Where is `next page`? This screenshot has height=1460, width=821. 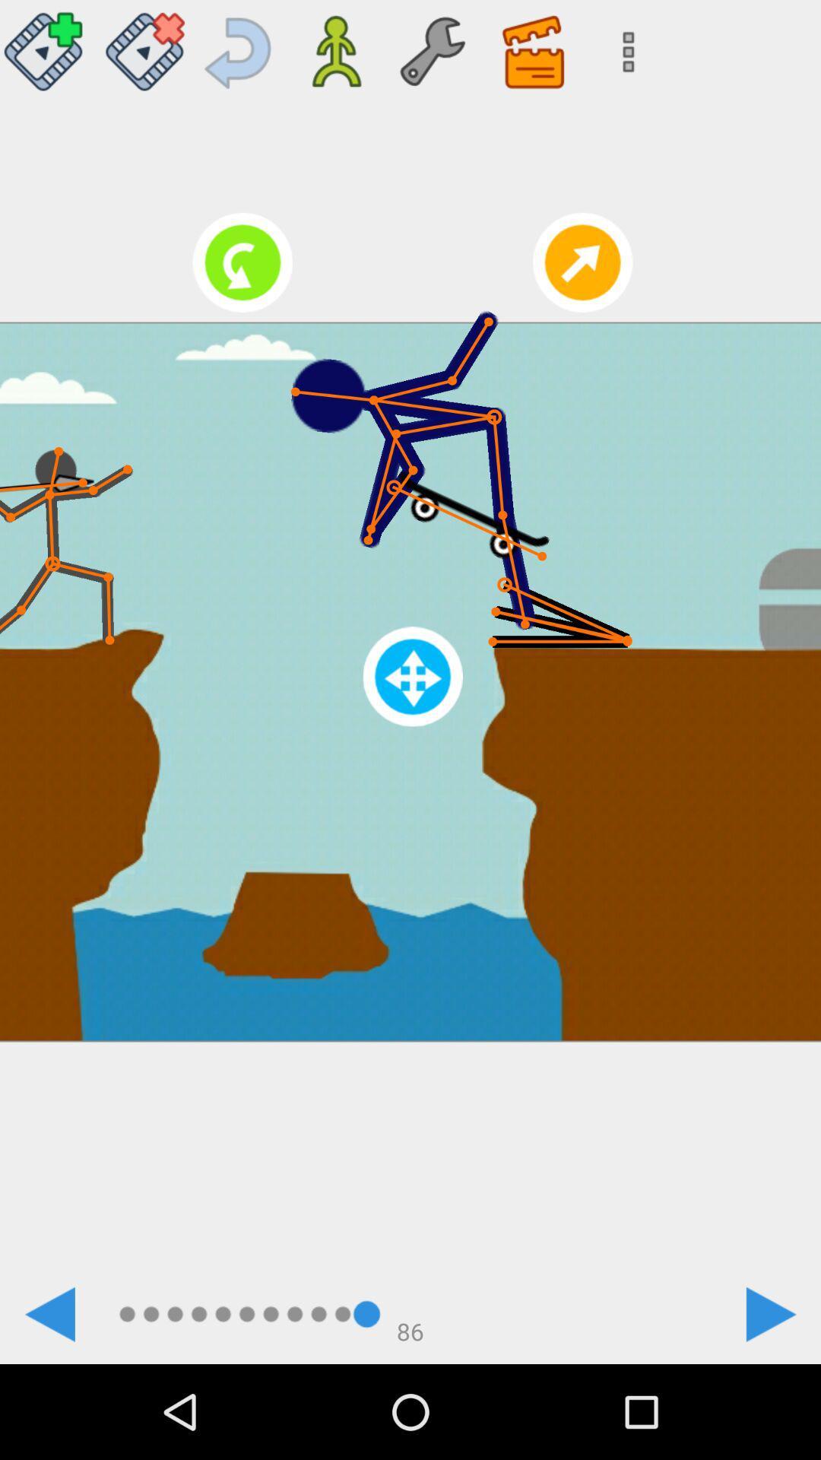
next page is located at coordinates (771, 1313).